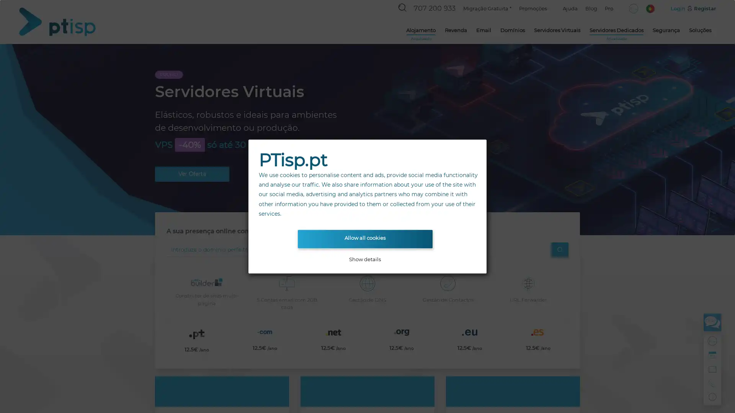 The width and height of the screenshot is (735, 413). I want to click on Go to slide 3, so click(375, 203).